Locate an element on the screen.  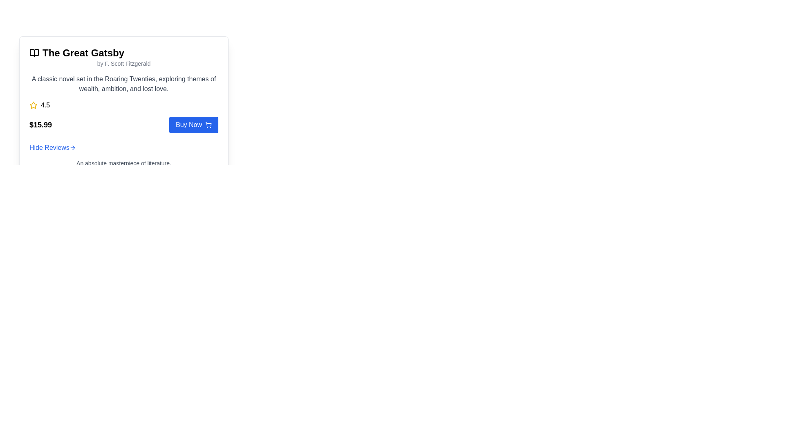
the book-related icon located at the top-left section of the card adjacent to the title 'The Great Gatsby' is located at coordinates (34, 53).